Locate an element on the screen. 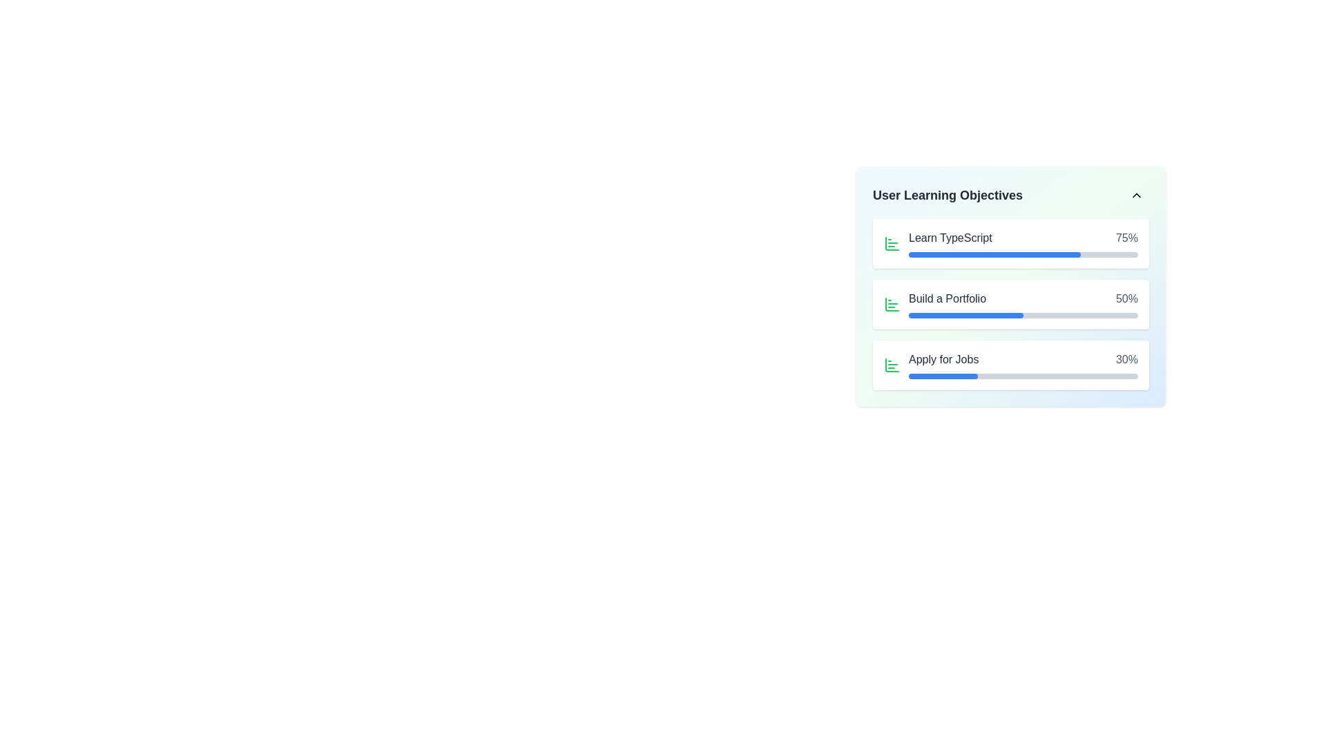  the header bar containing the text 'User Learning Objectives' with a chevron-up icon for accessibility navigation is located at coordinates (1011, 195).